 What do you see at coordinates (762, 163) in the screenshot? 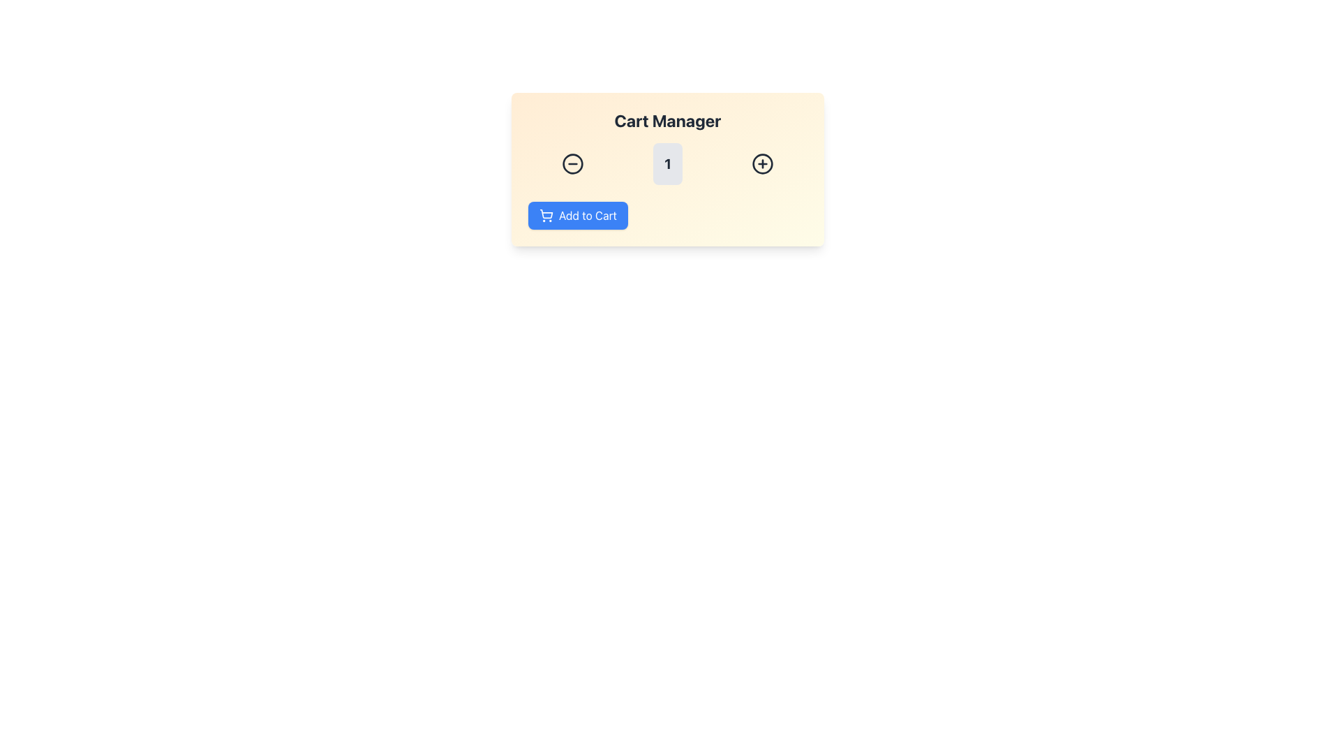
I see `the increment button, which is the rightmost element in a group of three interactive components` at bounding box center [762, 163].